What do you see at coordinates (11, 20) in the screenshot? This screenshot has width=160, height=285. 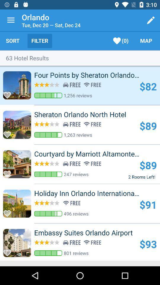 I see `item to the left of orlando item` at bounding box center [11, 20].